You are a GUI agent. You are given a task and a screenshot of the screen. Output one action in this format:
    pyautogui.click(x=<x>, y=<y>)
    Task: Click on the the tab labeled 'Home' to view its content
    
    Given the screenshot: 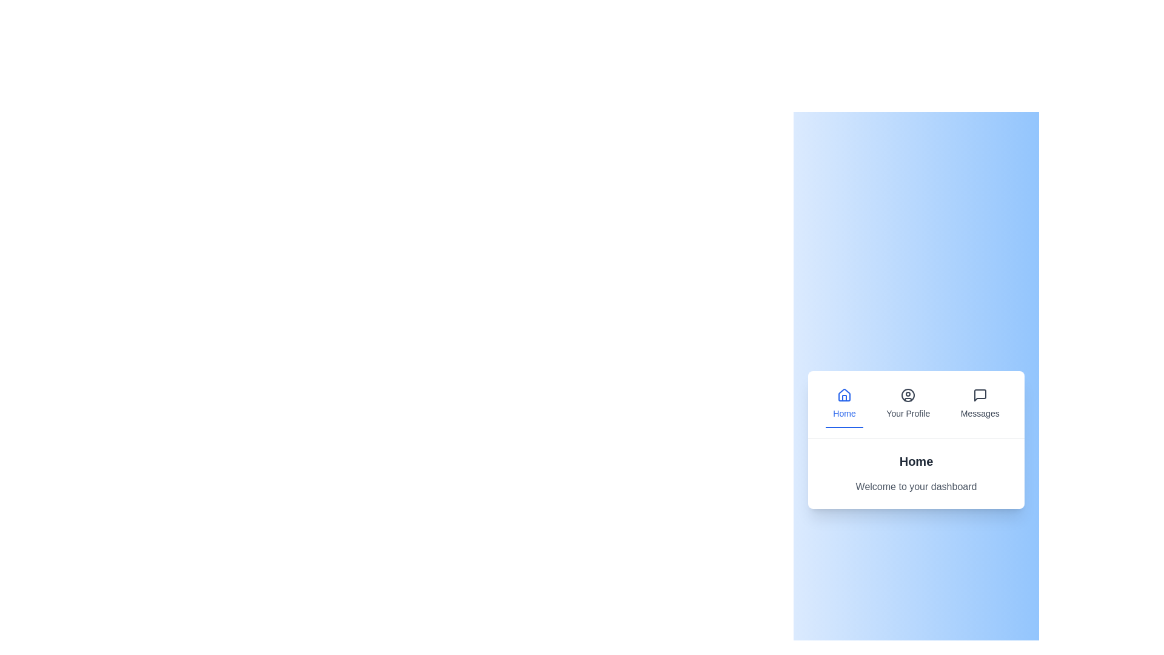 What is the action you would take?
    pyautogui.click(x=843, y=404)
    